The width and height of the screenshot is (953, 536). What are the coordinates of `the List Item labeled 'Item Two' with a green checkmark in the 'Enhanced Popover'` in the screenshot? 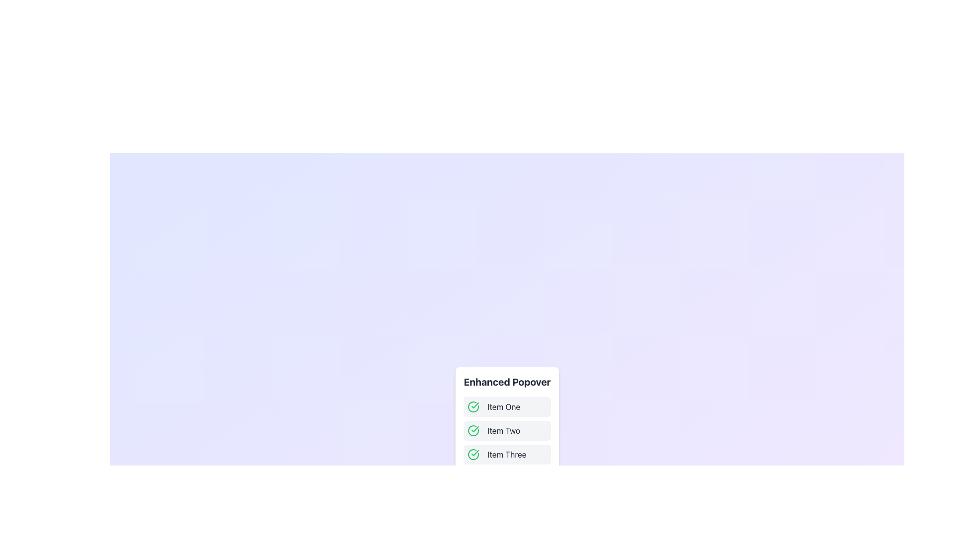 It's located at (507, 430).